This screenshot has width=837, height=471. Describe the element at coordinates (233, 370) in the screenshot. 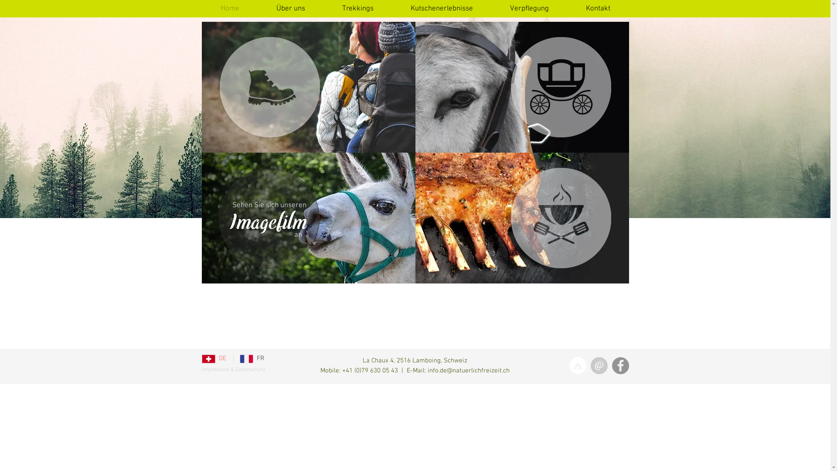

I see `'Impressum & Datenschutz'` at that location.